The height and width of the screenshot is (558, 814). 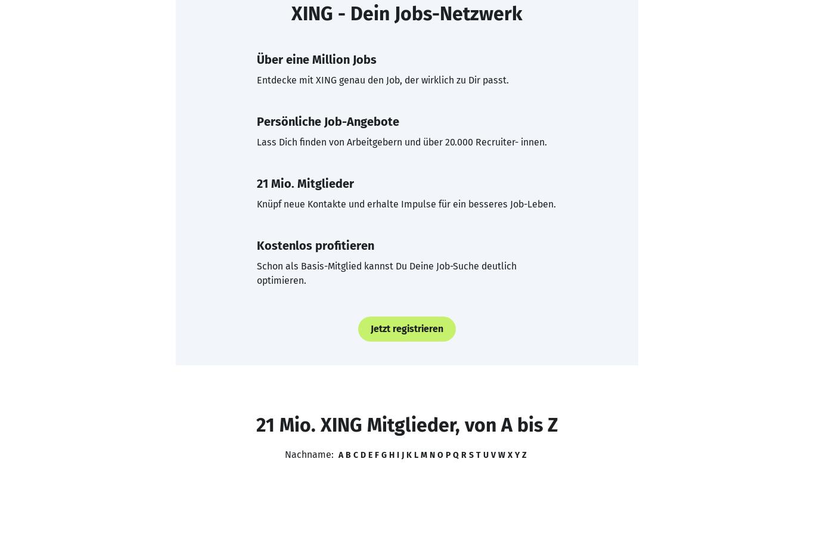 I want to click on 'R', so click(x=463, y=454).